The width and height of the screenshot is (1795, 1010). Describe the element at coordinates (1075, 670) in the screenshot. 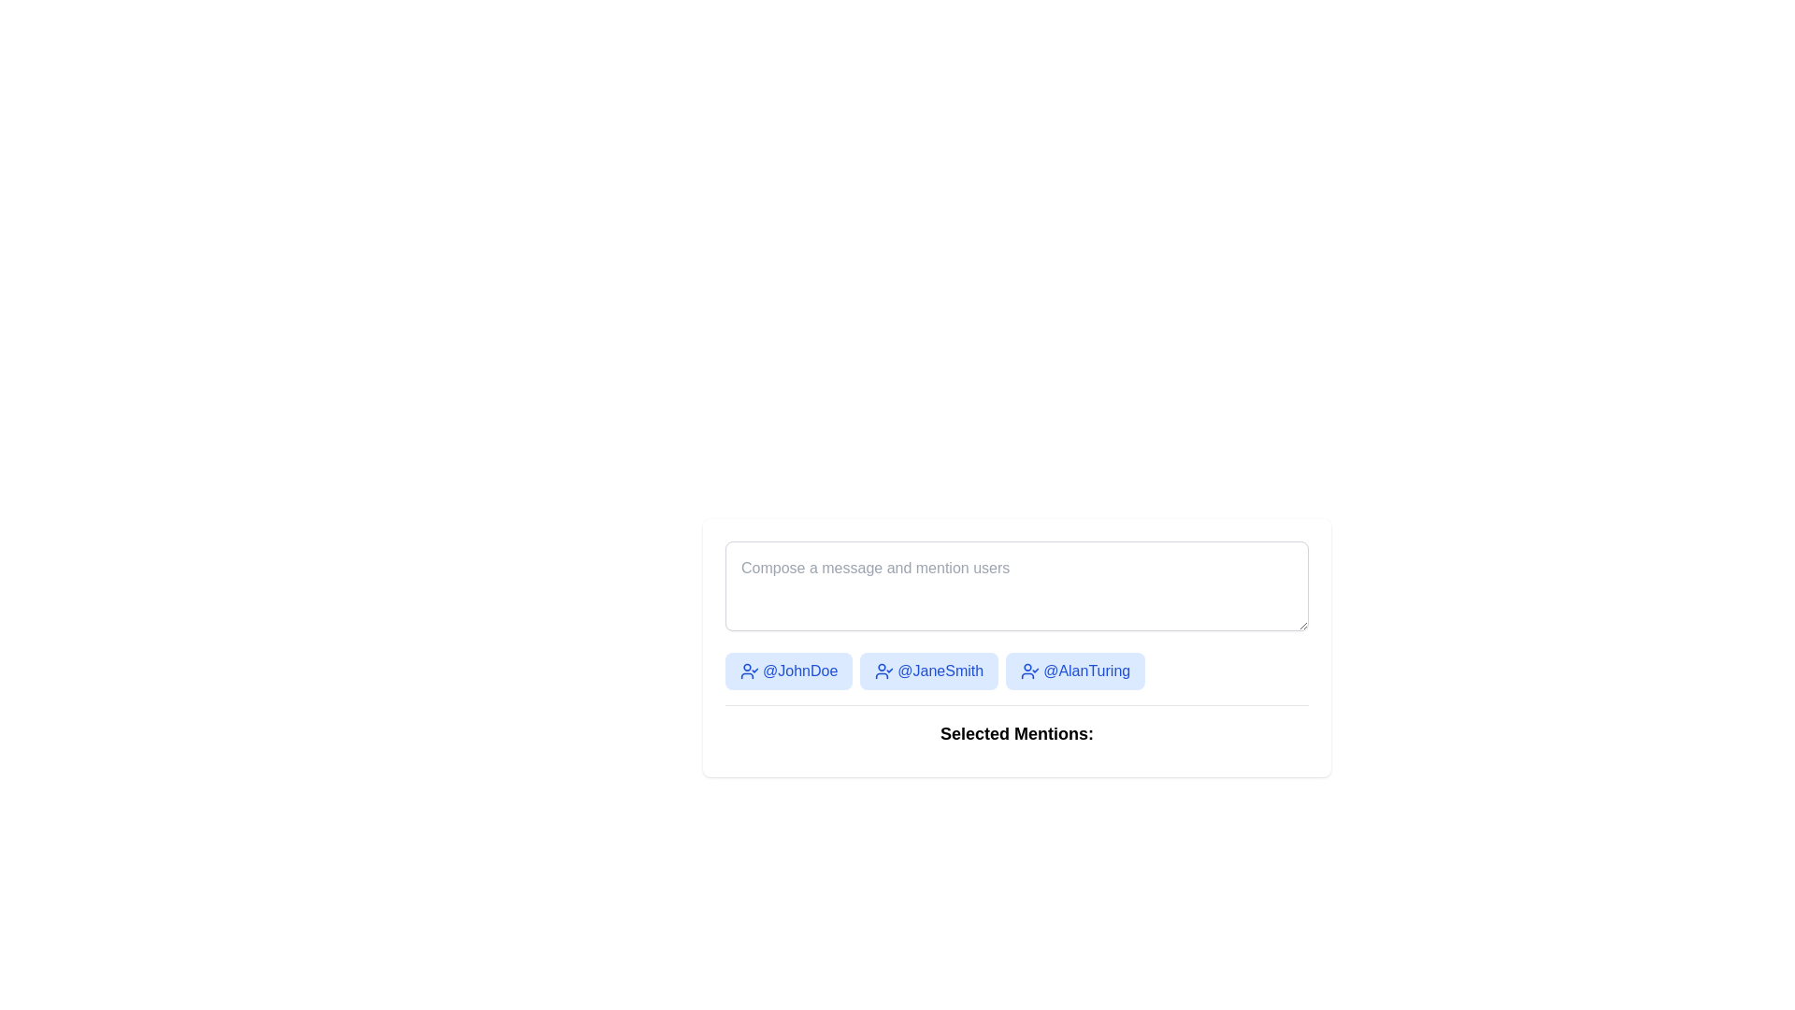

I see `the button representing the mentionable user '@AlanTuring' located in a horizontal list below the message composing area` at that location.